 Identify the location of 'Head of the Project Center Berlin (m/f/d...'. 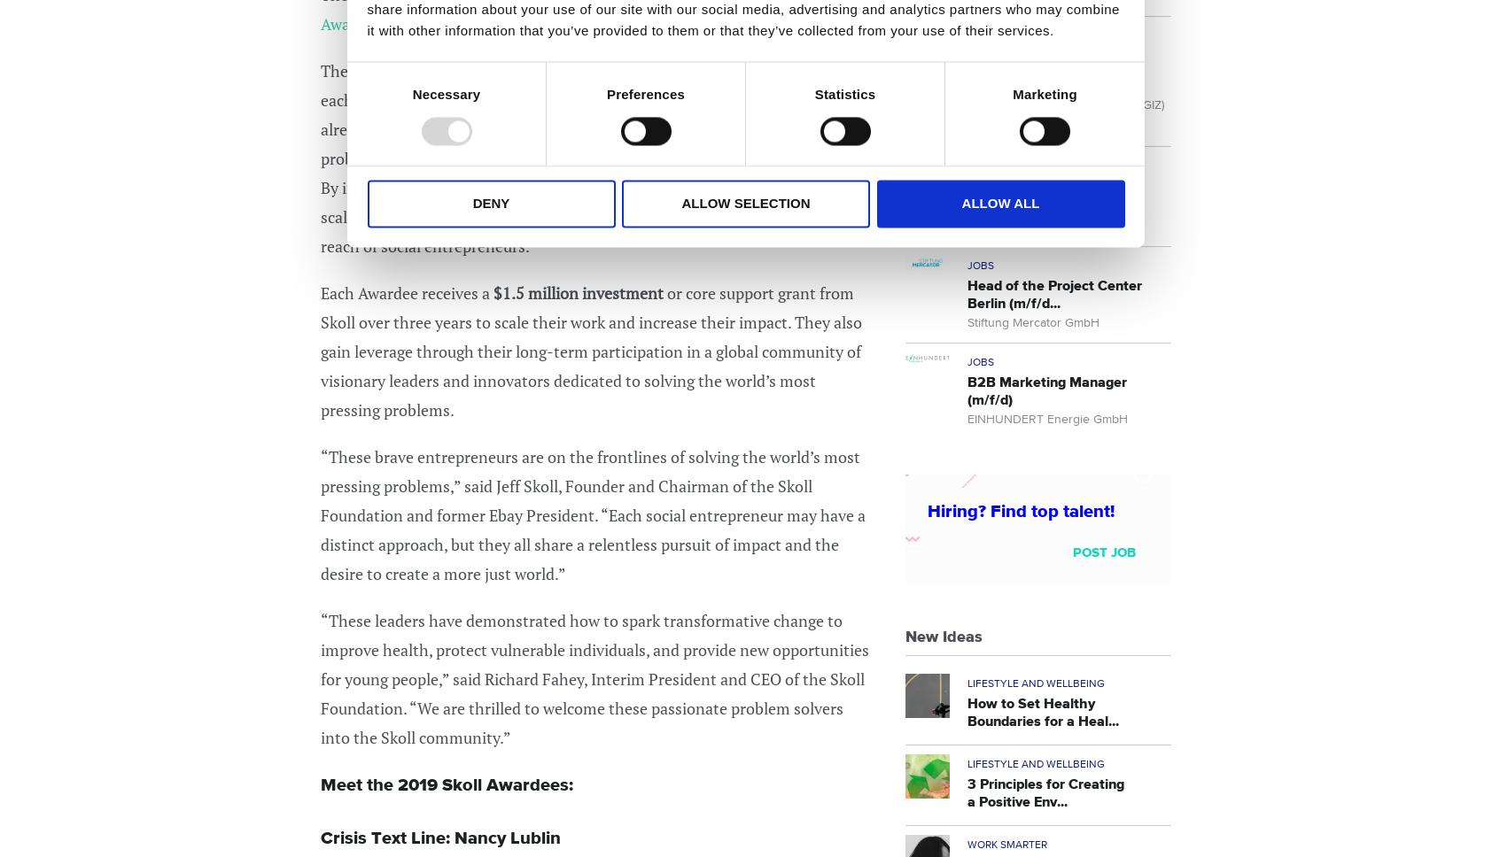
(967, 294).